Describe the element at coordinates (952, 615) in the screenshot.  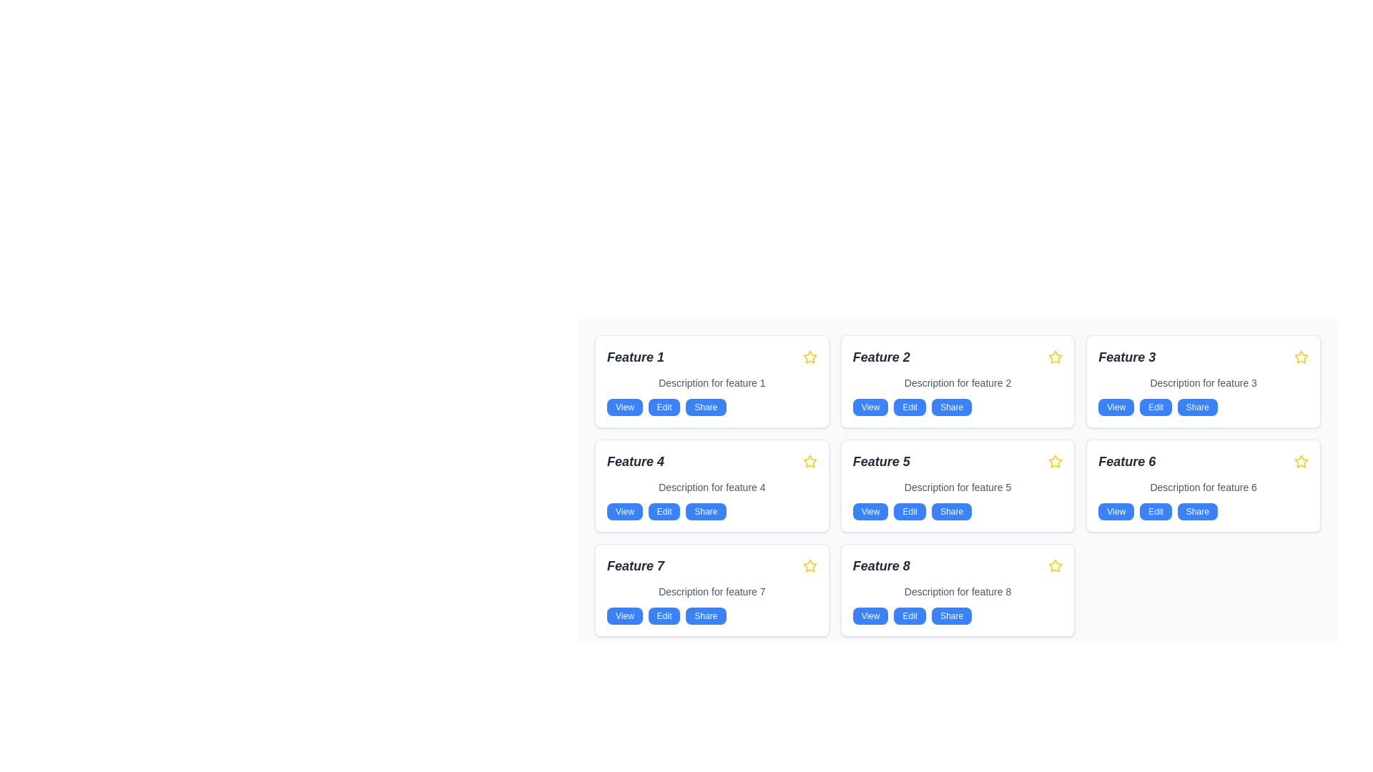
I see `the 'Share' button, a blue rectangular button with rounded corners located at the bottom-right of the card labeled 'Feature 8'` at that location.